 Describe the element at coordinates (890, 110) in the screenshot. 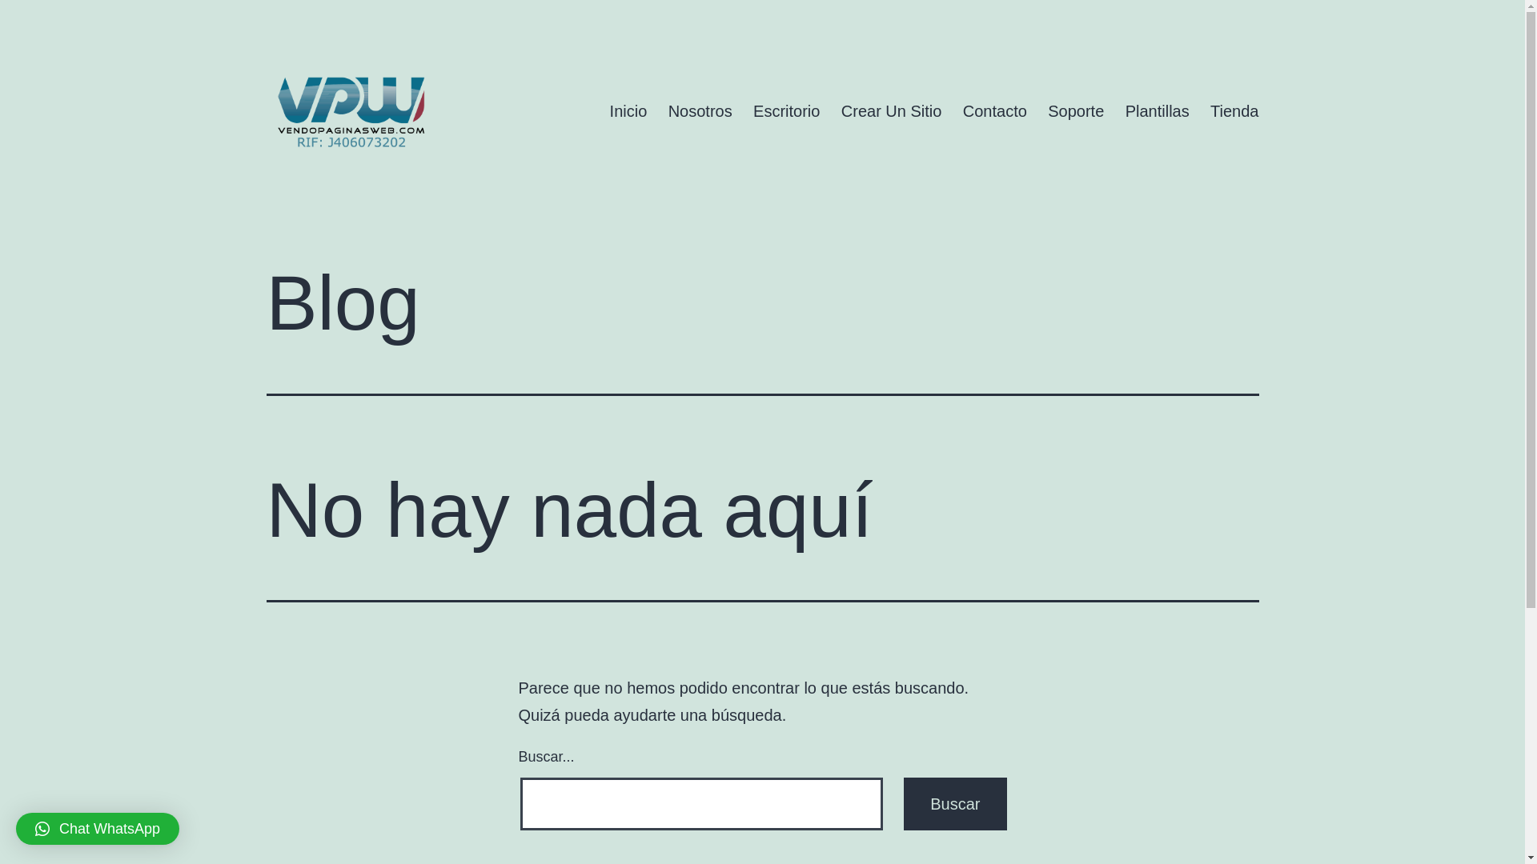

I see `'Crear Un Sitio'` at that location.